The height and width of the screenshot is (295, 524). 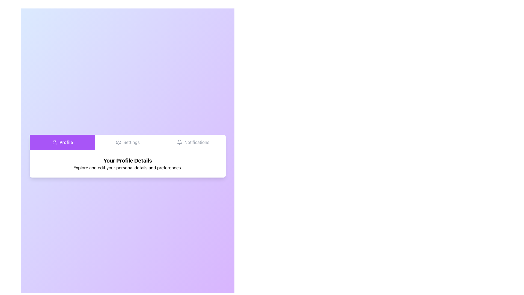 What do you see at coordinates (66, 142) in the screenshot?
I see `the 'Profile' label located centrally within the left segment of the top bar, adjacent to the user silhouette icon` at bounding box center [66, 142].